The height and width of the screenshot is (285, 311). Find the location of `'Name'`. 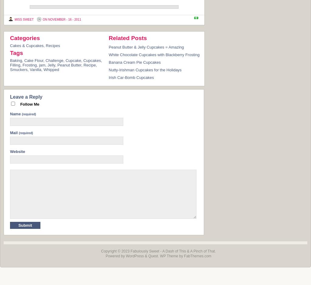

'Name' is located at coordinates (15, 114).